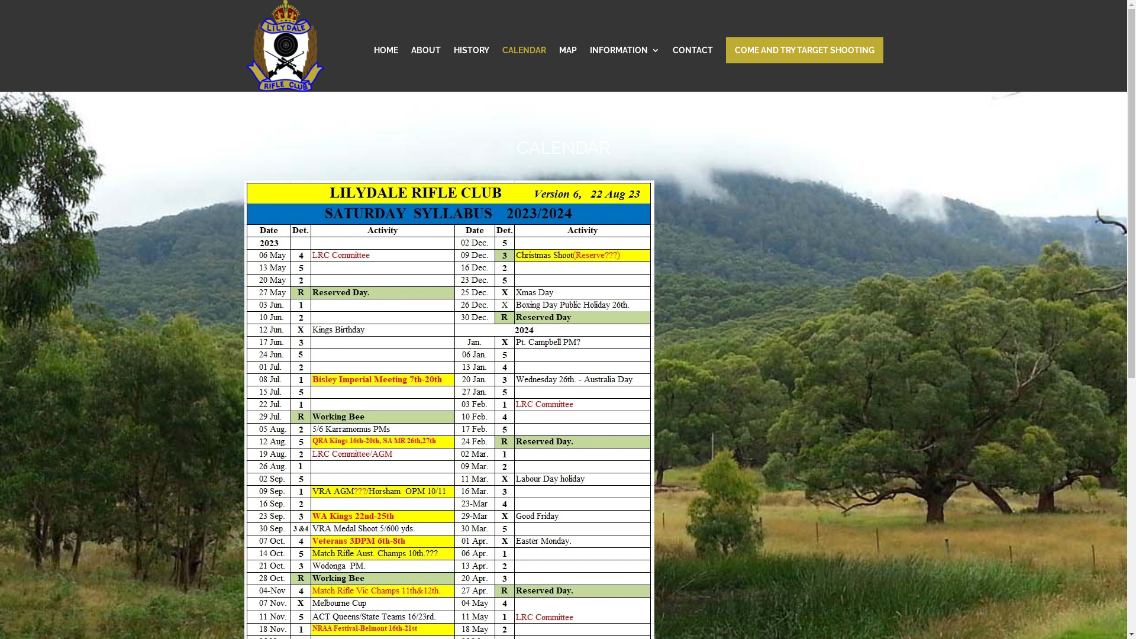  I want to click on 'MAP', so click(567, 69).